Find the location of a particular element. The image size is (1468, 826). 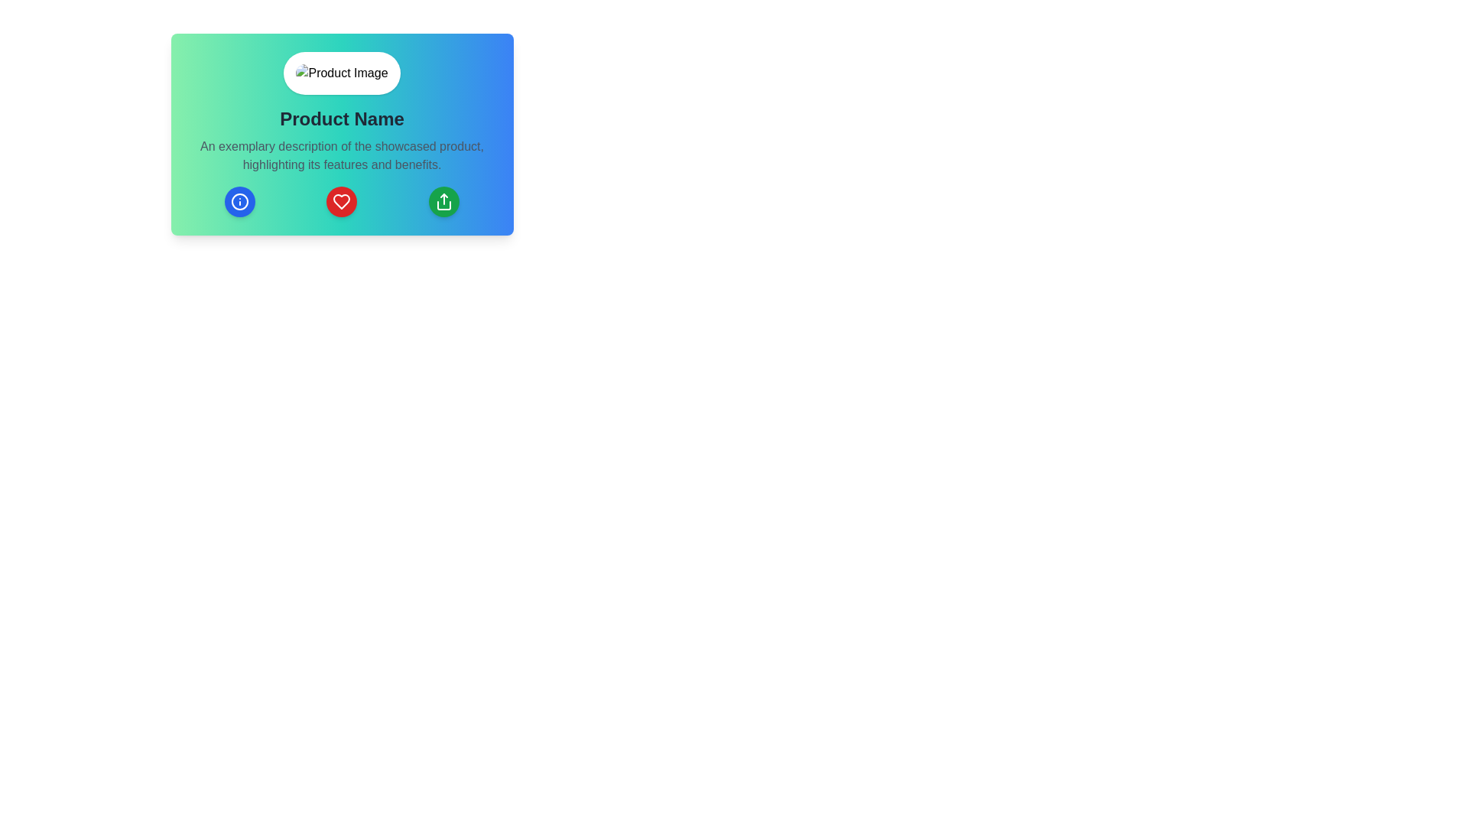

the 'share' or 'upload' button located in the bottom-right corner of the card section, which is the rightmost button of three rounded buttons is located at coordinates (443, 200).